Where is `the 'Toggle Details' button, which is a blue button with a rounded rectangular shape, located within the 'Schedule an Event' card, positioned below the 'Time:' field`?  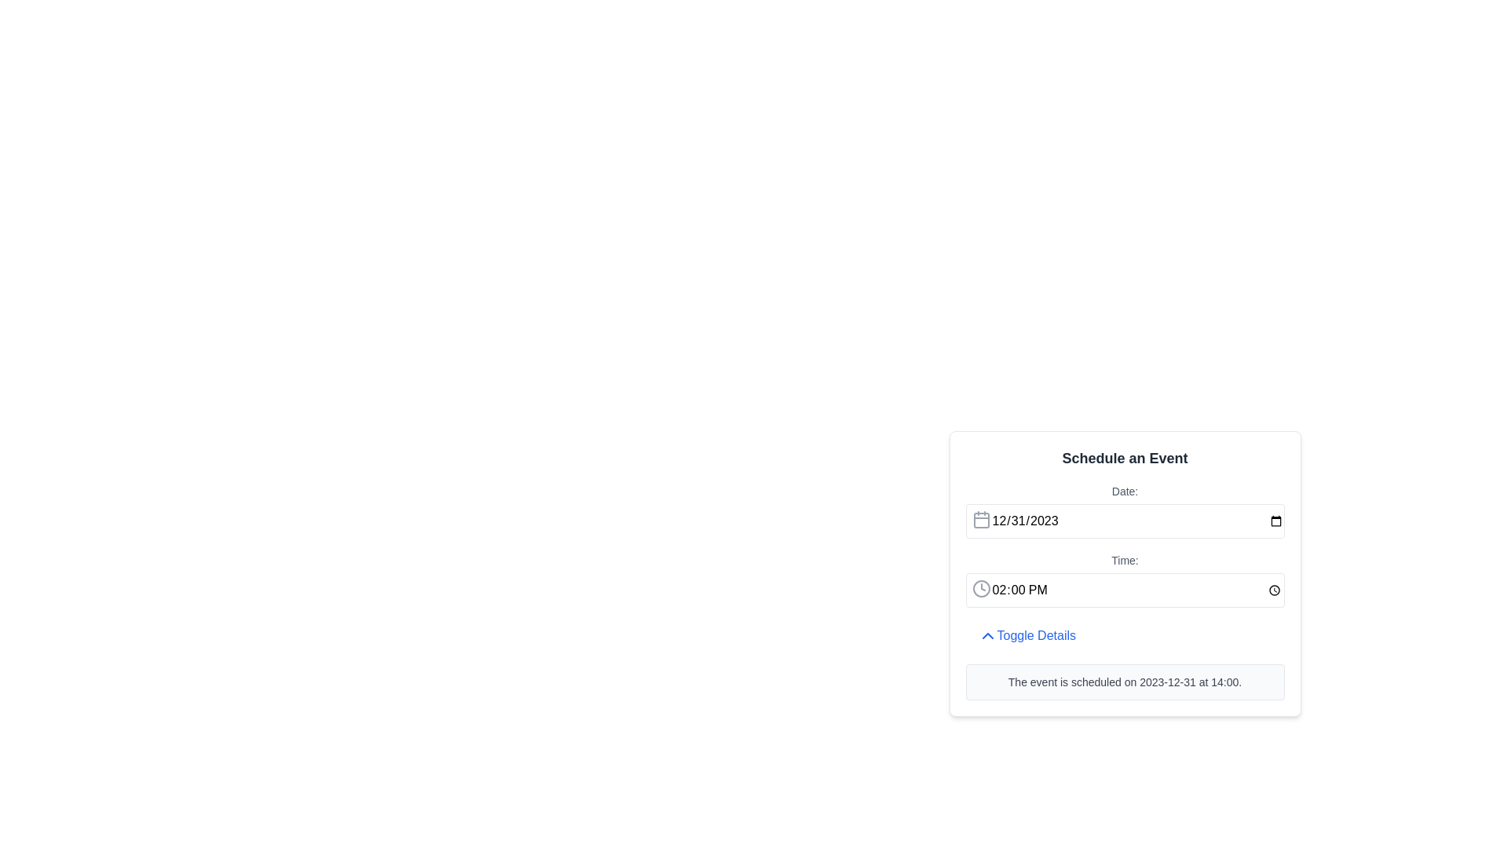 the 'Toggle Details' button, which is a blue button with a rounded rectangular shape, located within the 'Schedule an Event' card, positioned below the 'Time:' field is located at coordinates (1027, 636).